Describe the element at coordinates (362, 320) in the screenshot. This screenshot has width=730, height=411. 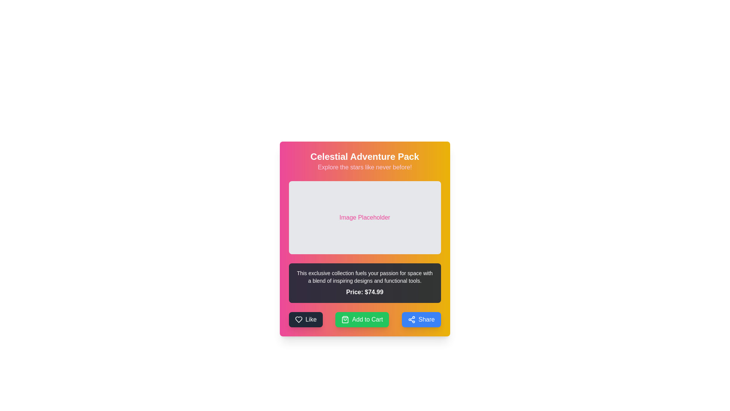
I see `the button located at the bottom section of the card component` at that location.